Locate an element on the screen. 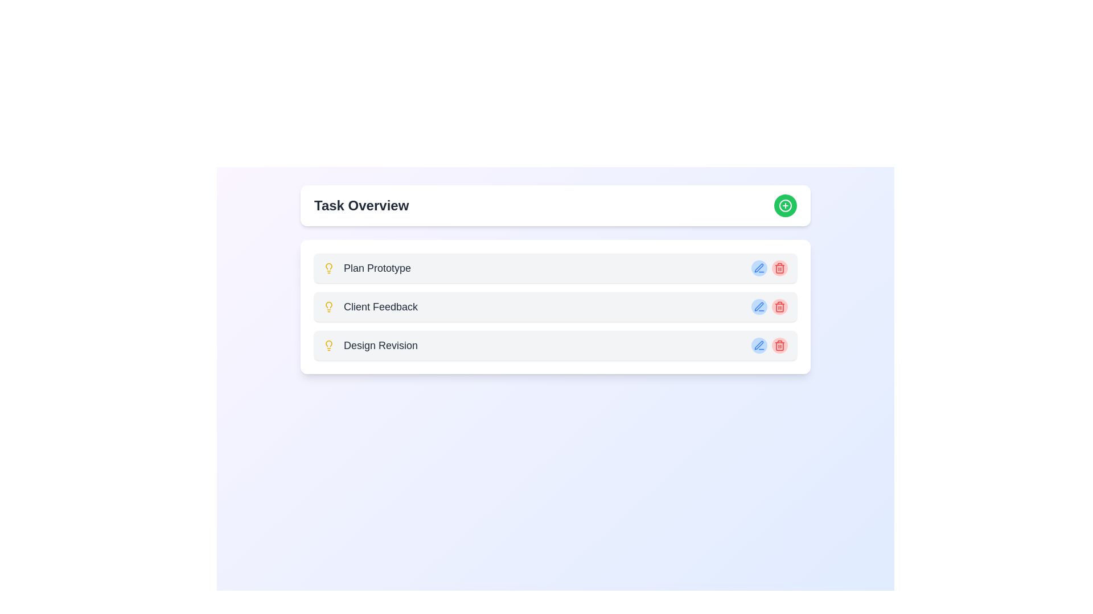 This screenshot has height=614, width=1093. the 'delete' button located in the lower right corner of the 'Design Revision' card is located at coordinates (779, 345).